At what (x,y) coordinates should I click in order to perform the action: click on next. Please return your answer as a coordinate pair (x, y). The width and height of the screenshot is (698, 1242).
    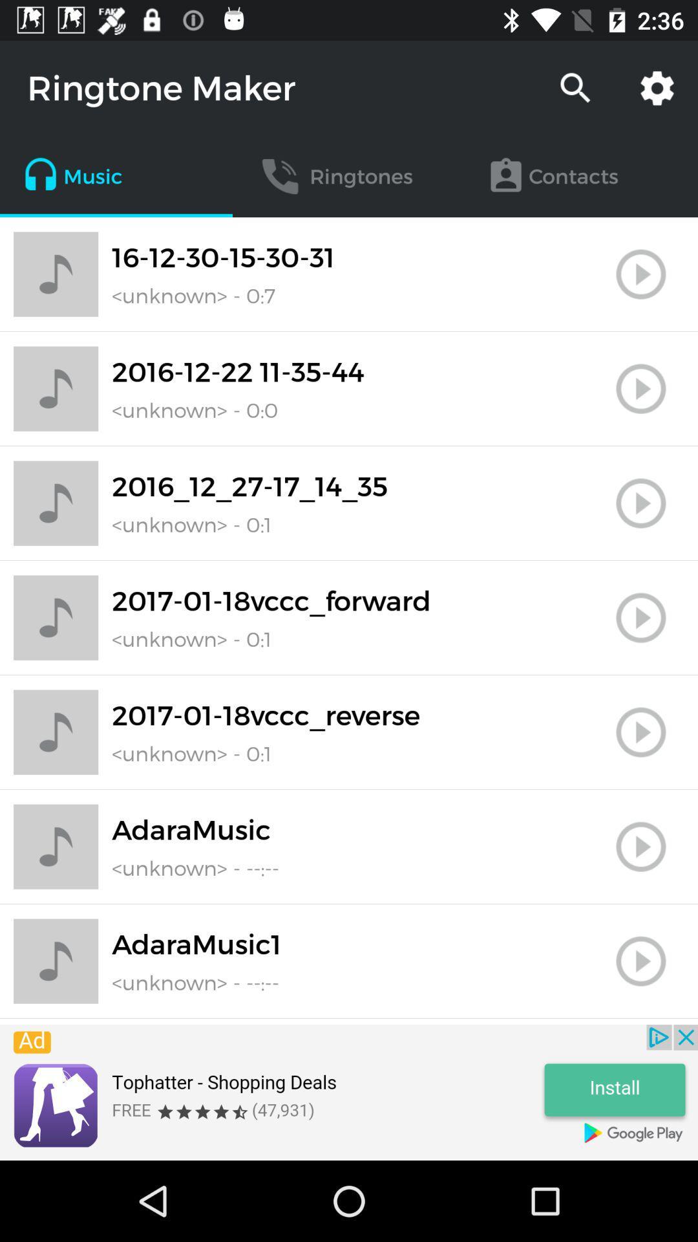
    Looking at the image, I should click on (640, 732).